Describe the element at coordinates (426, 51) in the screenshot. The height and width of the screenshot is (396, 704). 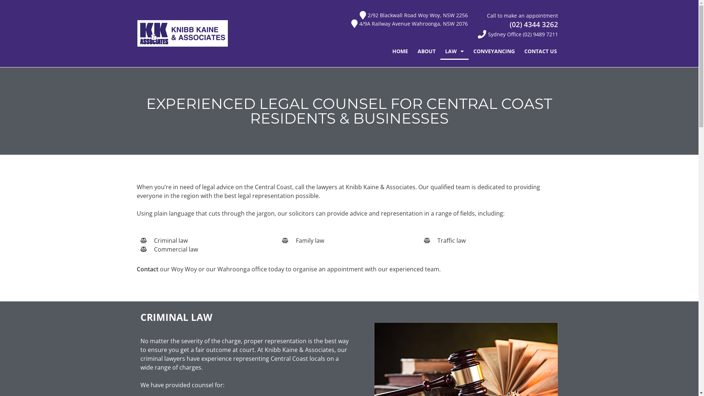
I see `'ABOUT'` at that location.